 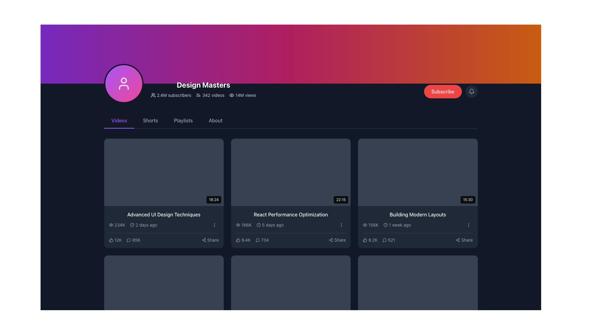 I want to click on the eye-shaped icon located to the left of the text '156K' in the box below the video titled 'Building Modern Layouts', so click(x=365, y=225).